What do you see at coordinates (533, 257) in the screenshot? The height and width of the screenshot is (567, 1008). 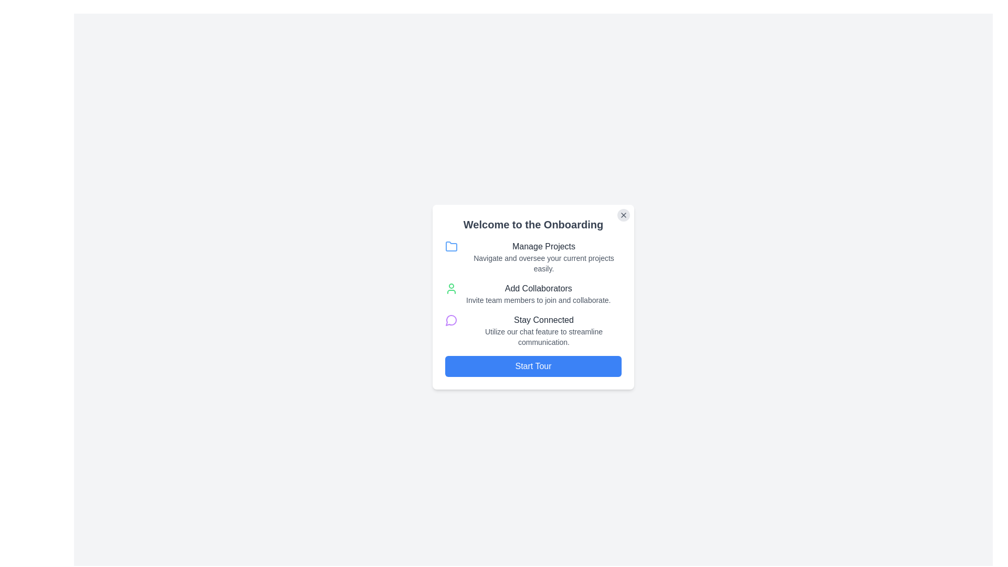 I see `description of the Information block located below the 'Welcome to the Onboarding' title and above the 'Add Collaborators' section` at bounding box center [533, 257].